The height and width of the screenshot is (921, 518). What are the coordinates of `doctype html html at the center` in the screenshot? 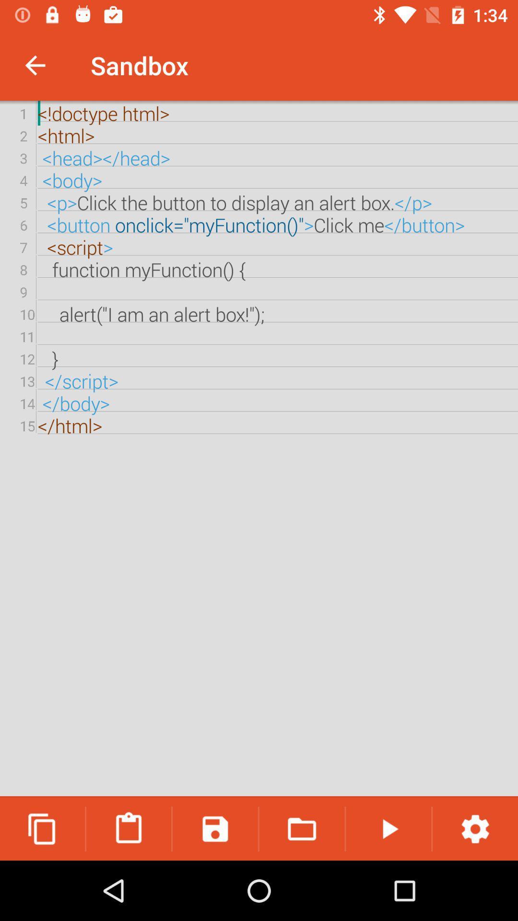 It's located at (259, 449).